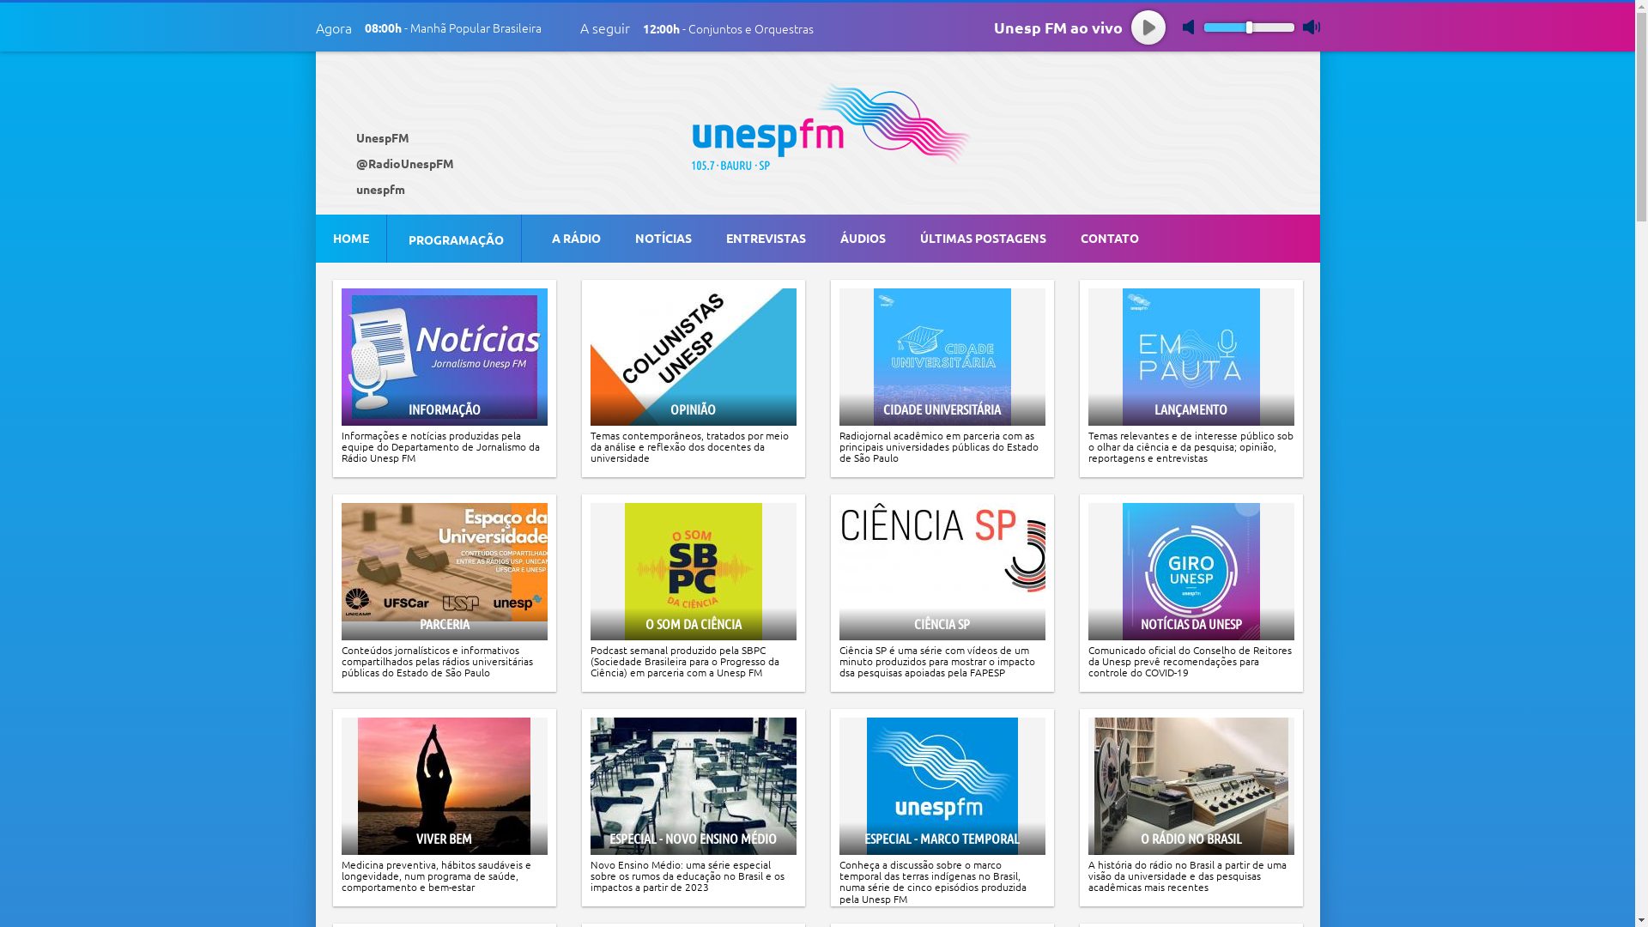 The height and width of the screenshot is (927, 1648). What do you see at coordinates (349, 238) in the screenshot?
I see `'HOME'` at bounding box center [349, 238].